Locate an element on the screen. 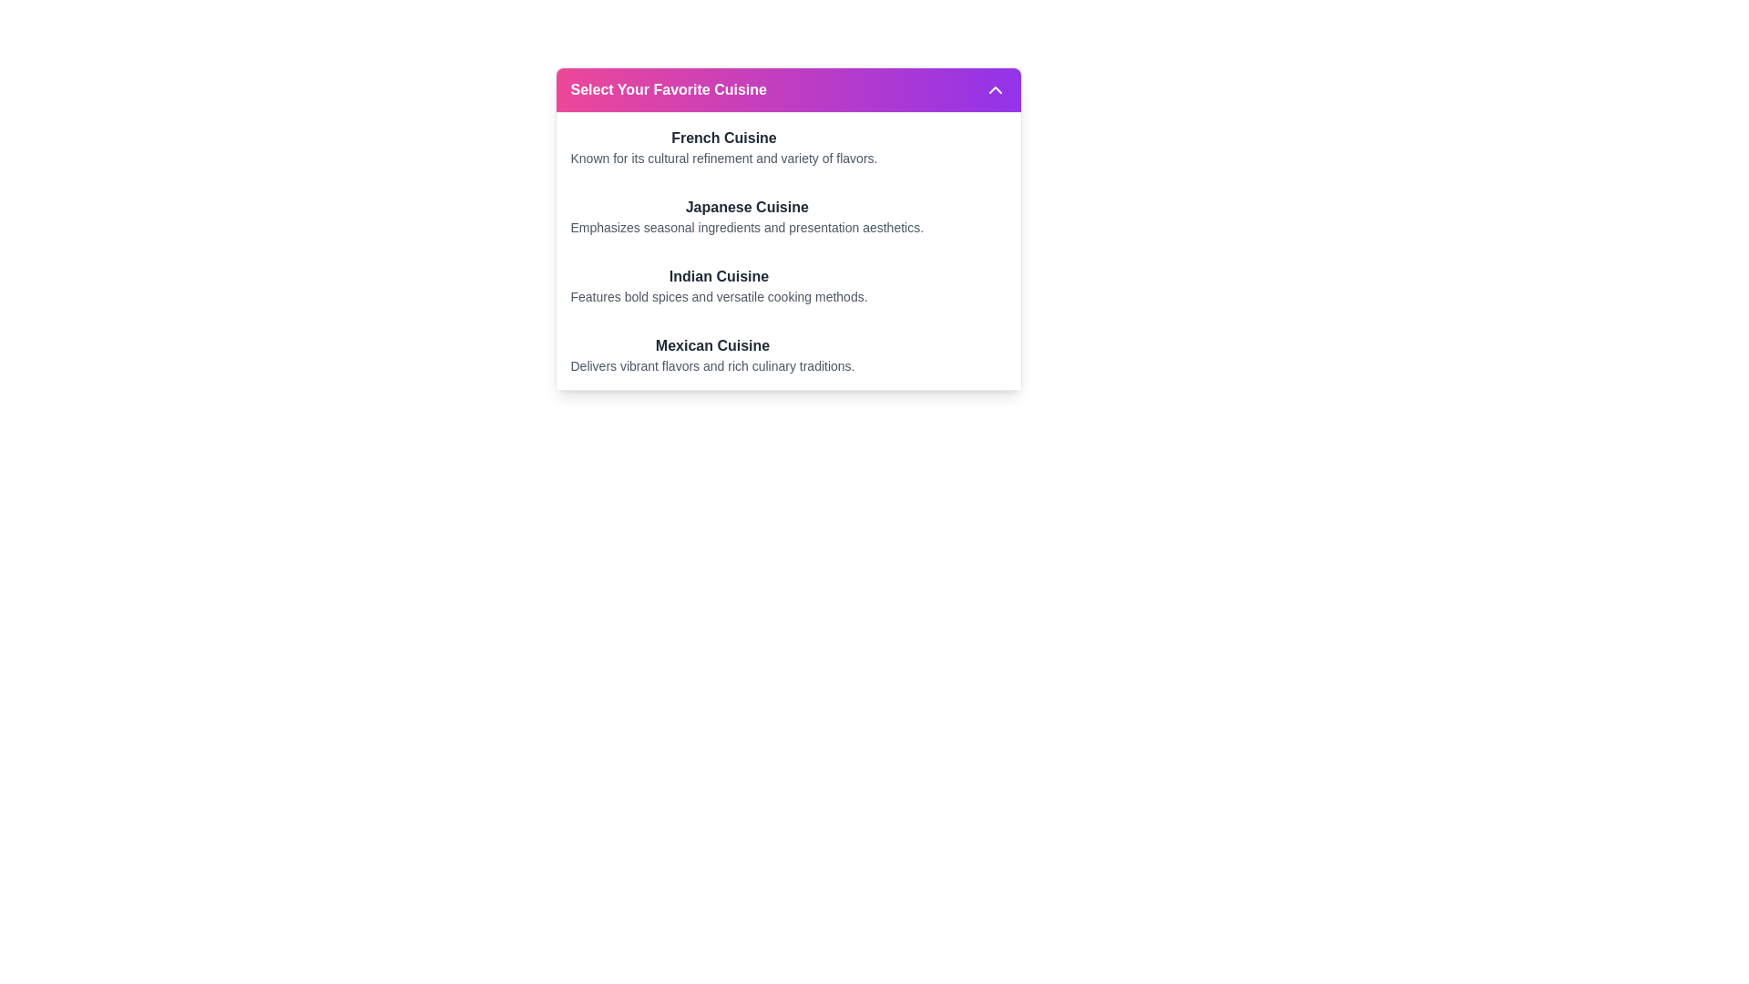 Image resolution: width=1749 pixels, height=984 pixels. text label that serves as the title for the list item related to 'French Cuisine' located at the top of the 'Select Your Favorite Cuisine' panel is located at coordinates (722, 137).